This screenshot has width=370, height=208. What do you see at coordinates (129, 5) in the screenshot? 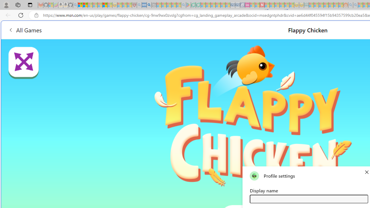
I see `'Local - MSN - Sleeping'` at bounding box center [129, 5].